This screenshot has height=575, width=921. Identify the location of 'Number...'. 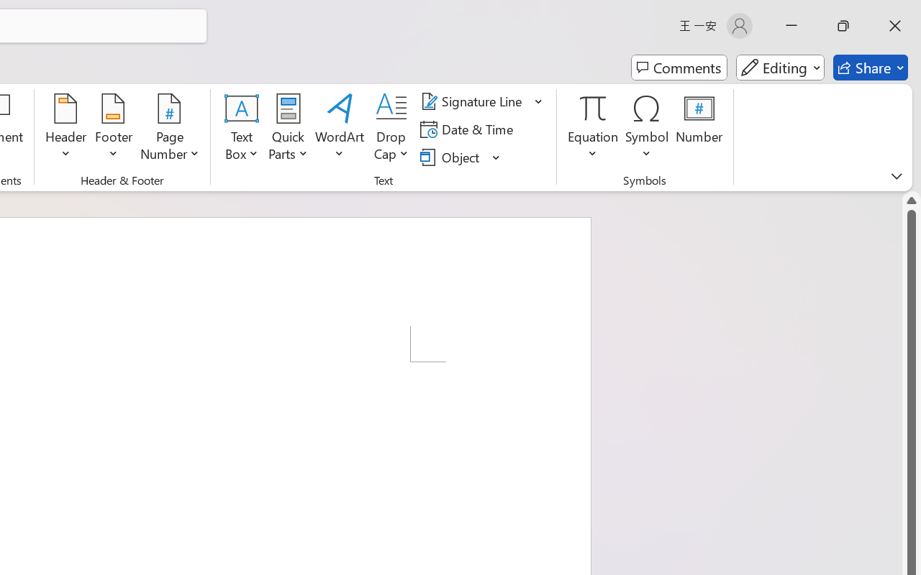
(699, 129).